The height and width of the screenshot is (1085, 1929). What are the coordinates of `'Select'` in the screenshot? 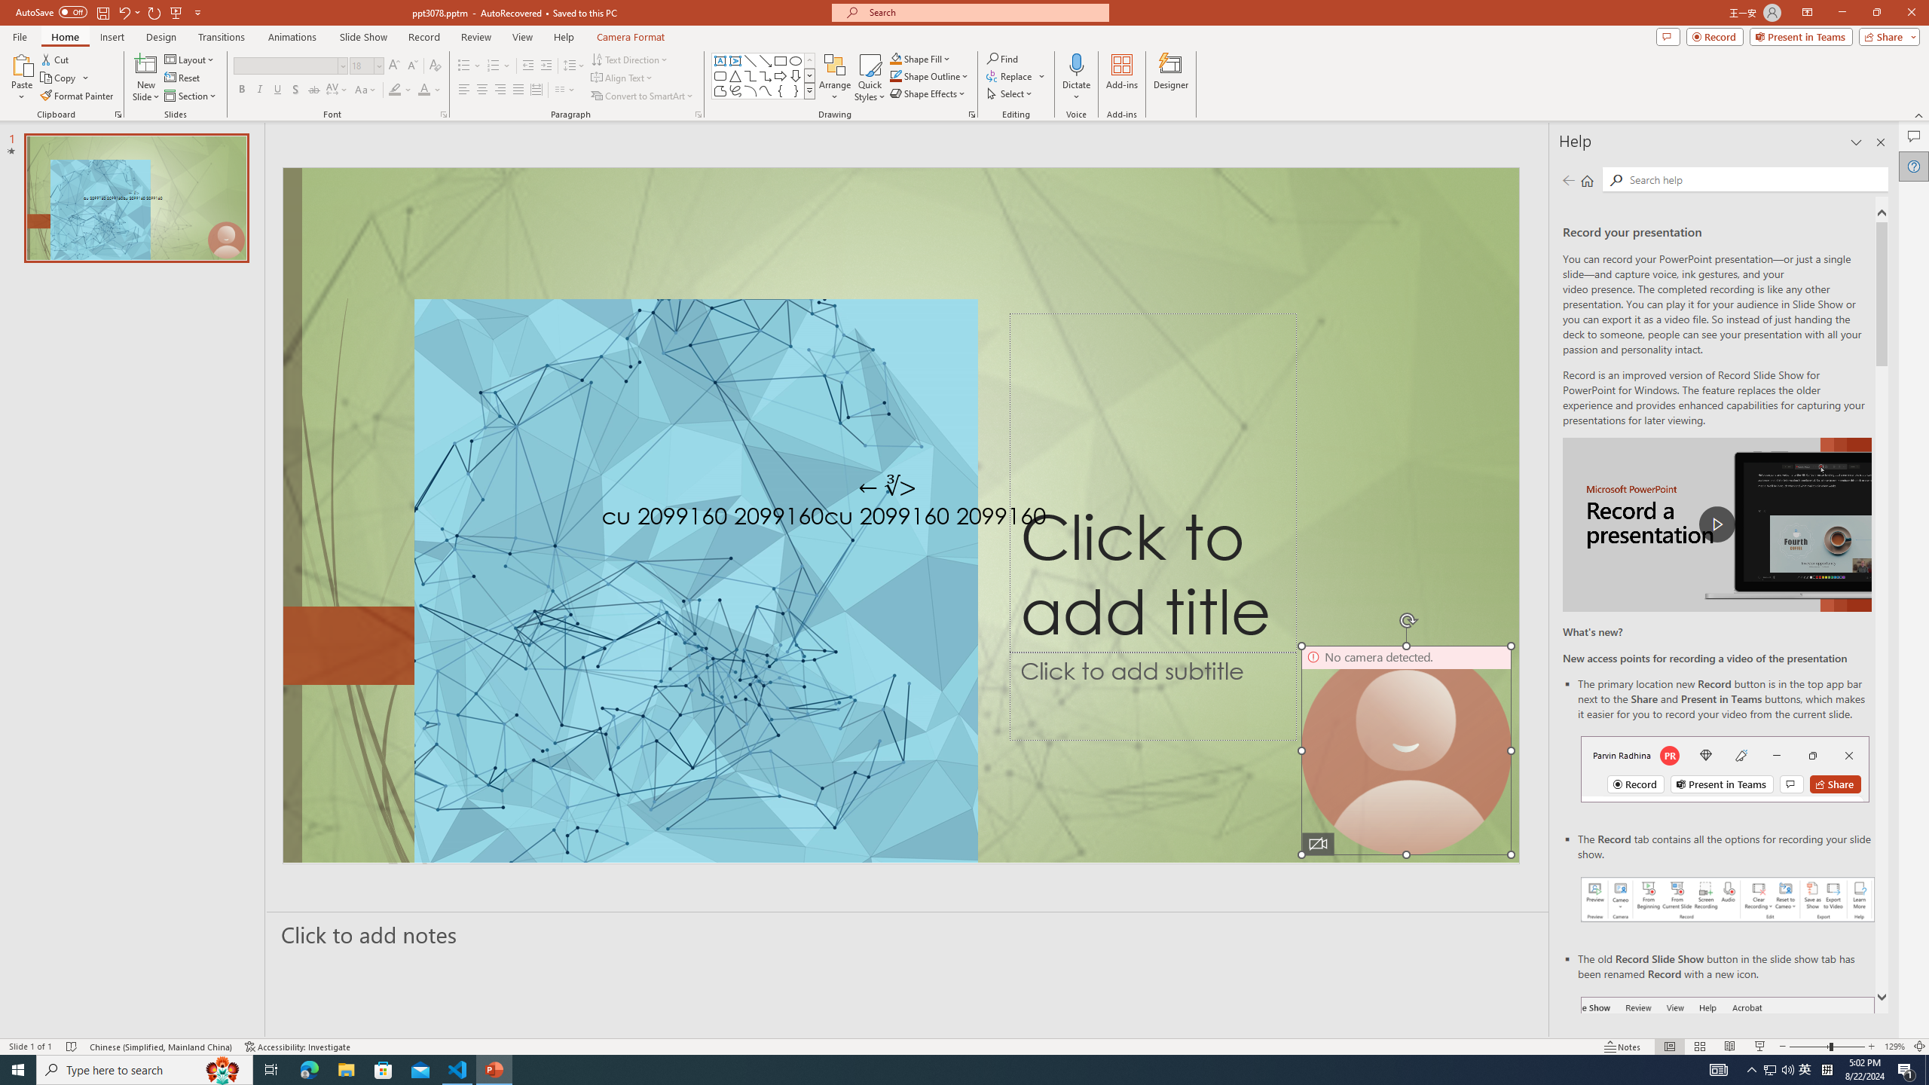 It's located at (1010, 92).